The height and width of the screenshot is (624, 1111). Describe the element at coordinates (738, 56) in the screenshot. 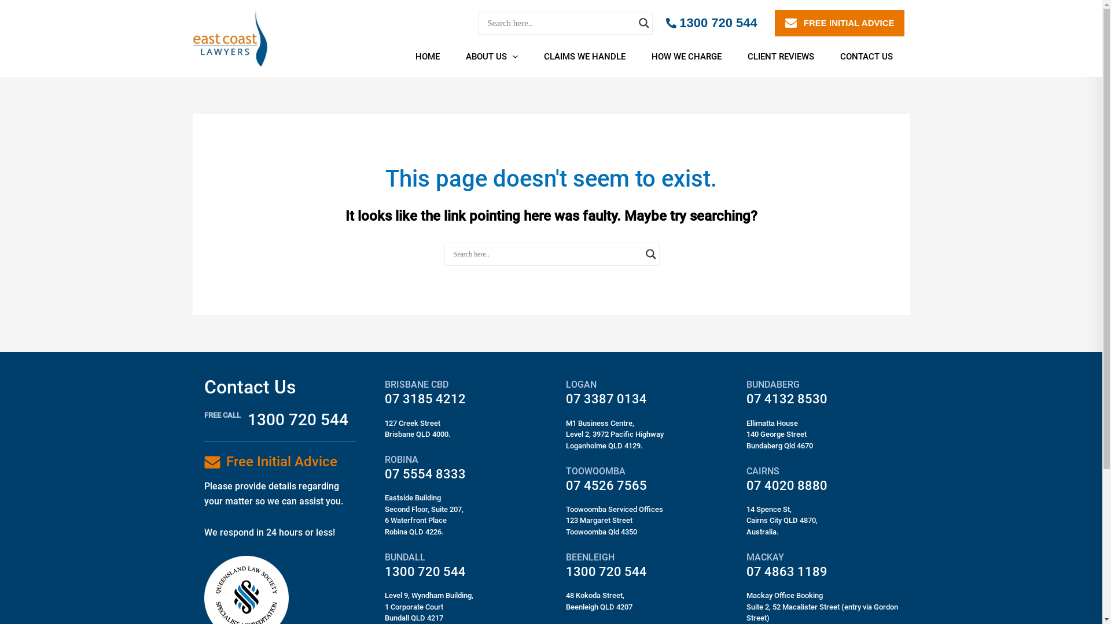

I see `'CLIENT REVIEWS'` at that location.